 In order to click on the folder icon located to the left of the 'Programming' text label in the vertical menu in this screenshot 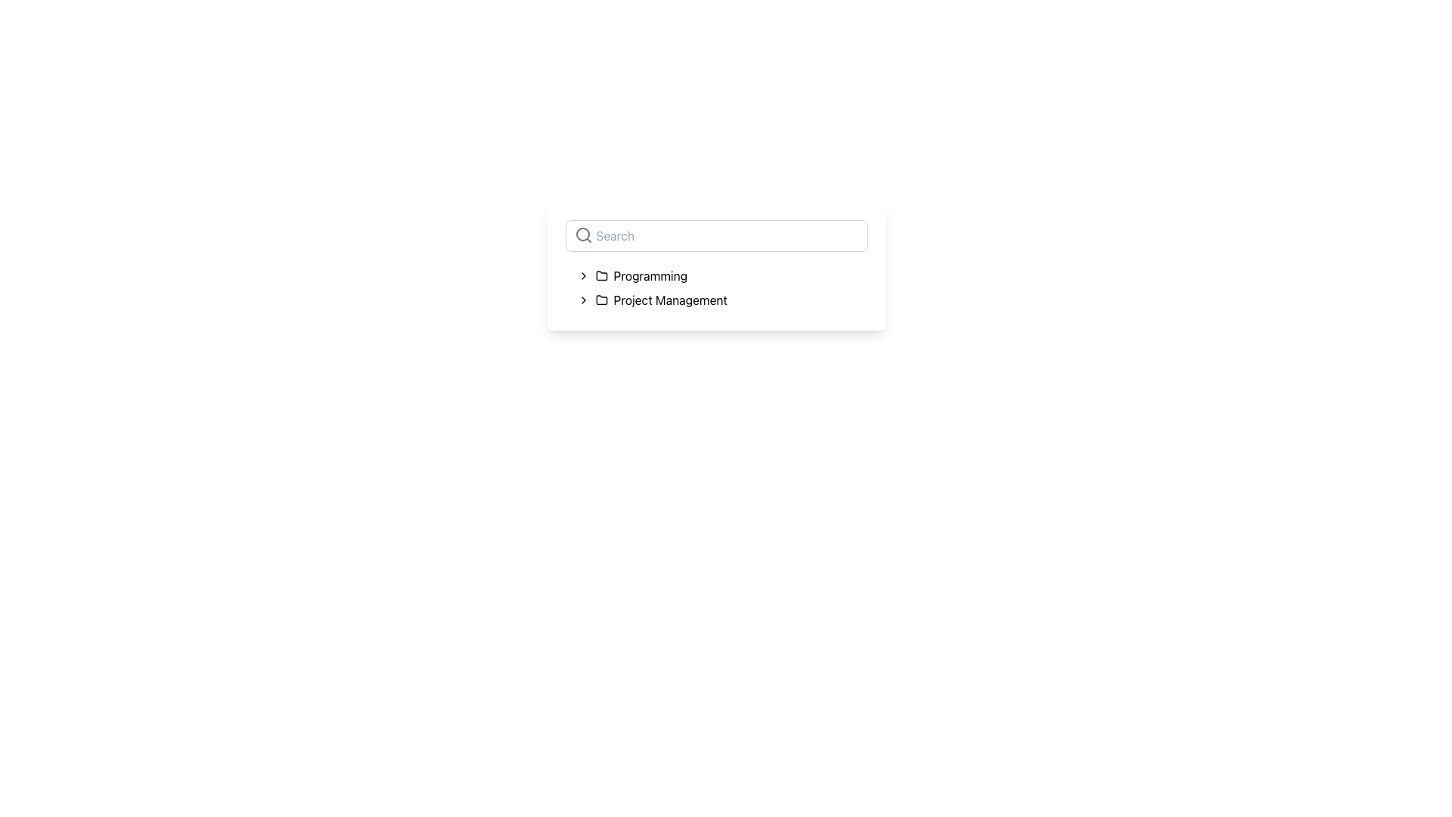, I will do `click(600, 276)`.